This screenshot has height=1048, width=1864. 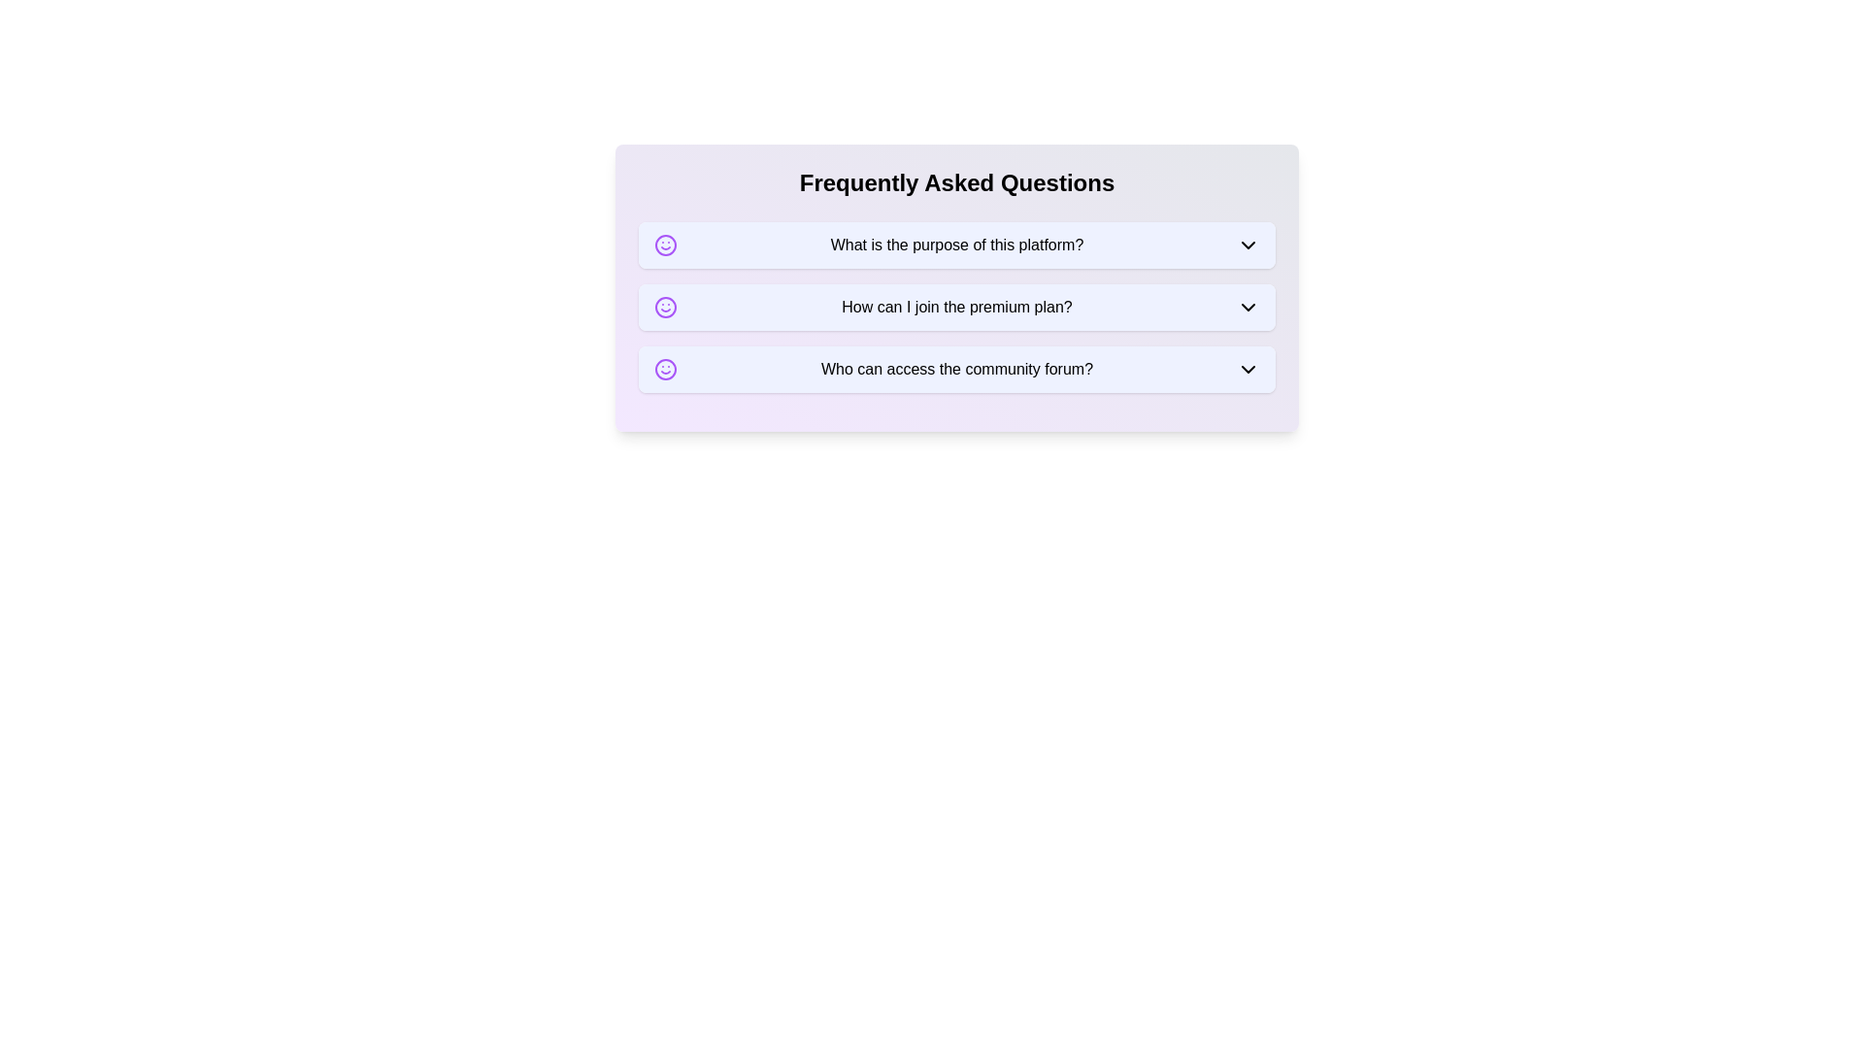 What do you see at coordinates (666, 306) in the screenshot?
I see `the decorative icon in the FAQ section related to the question 'How can I join the premium plan?', which is located in the second row and aligned with the question's chevron icon` at bounding box center [666, 306].